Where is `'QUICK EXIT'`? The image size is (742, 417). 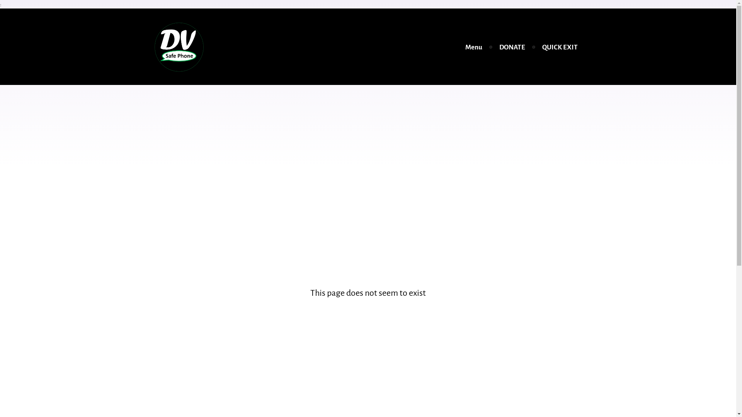
'QUICK EXIT' is located at coordinates (560, 47).